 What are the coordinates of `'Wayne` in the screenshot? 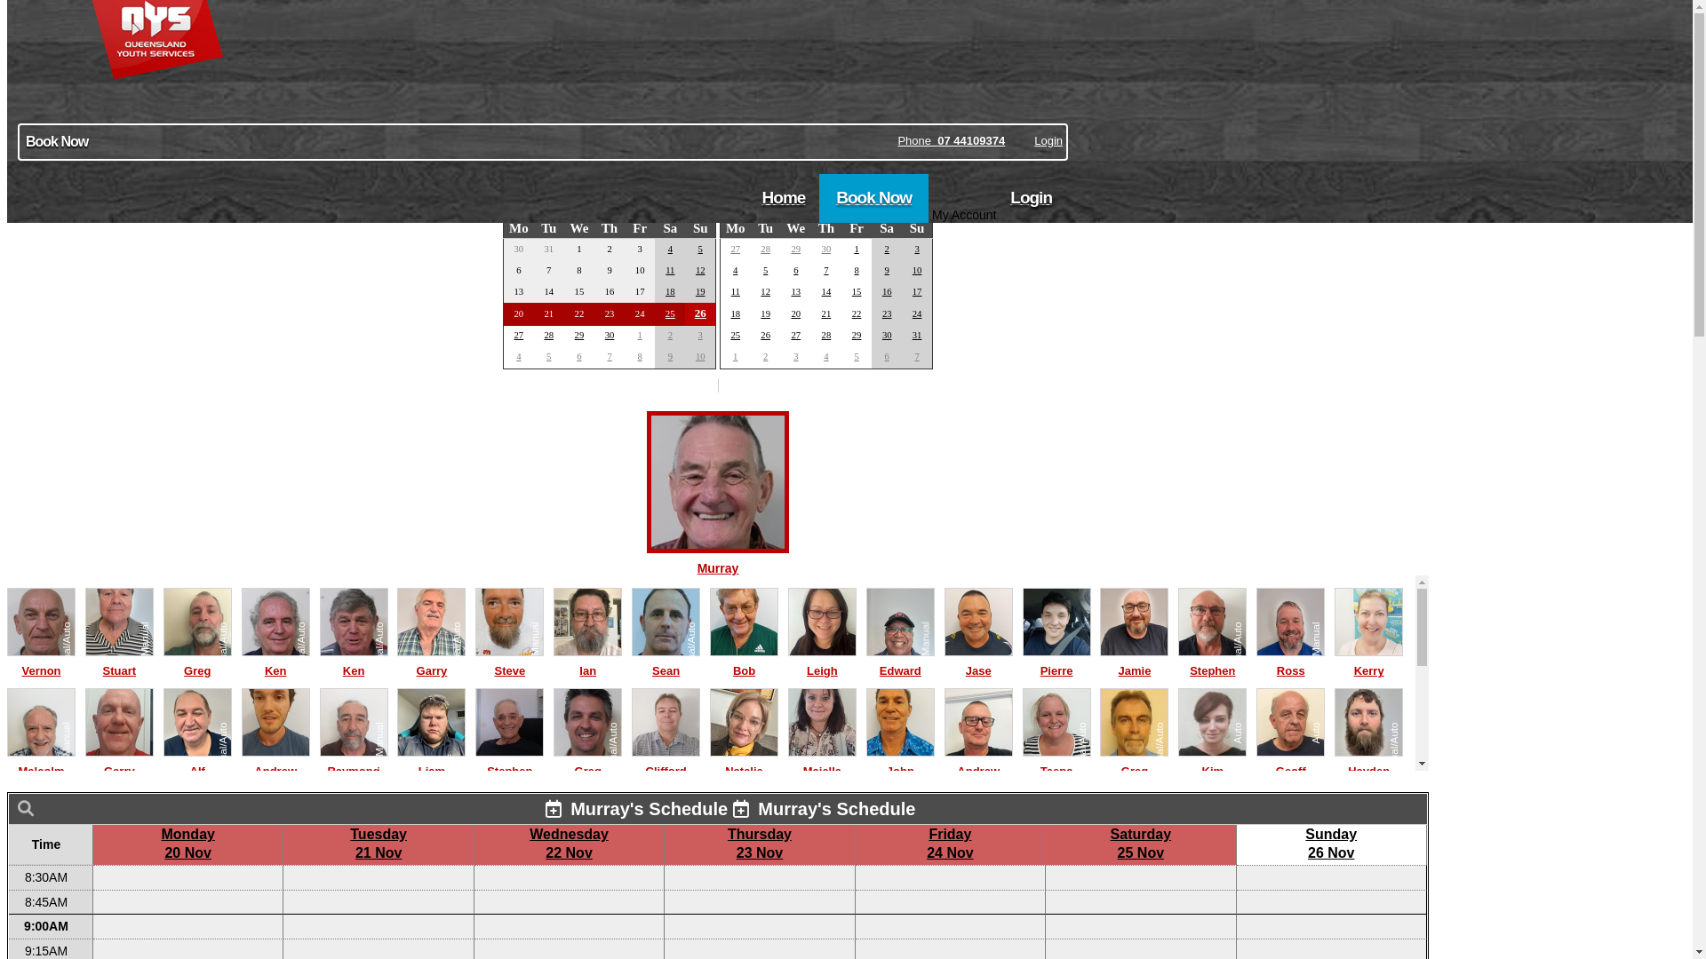 It's located at (744, 861).